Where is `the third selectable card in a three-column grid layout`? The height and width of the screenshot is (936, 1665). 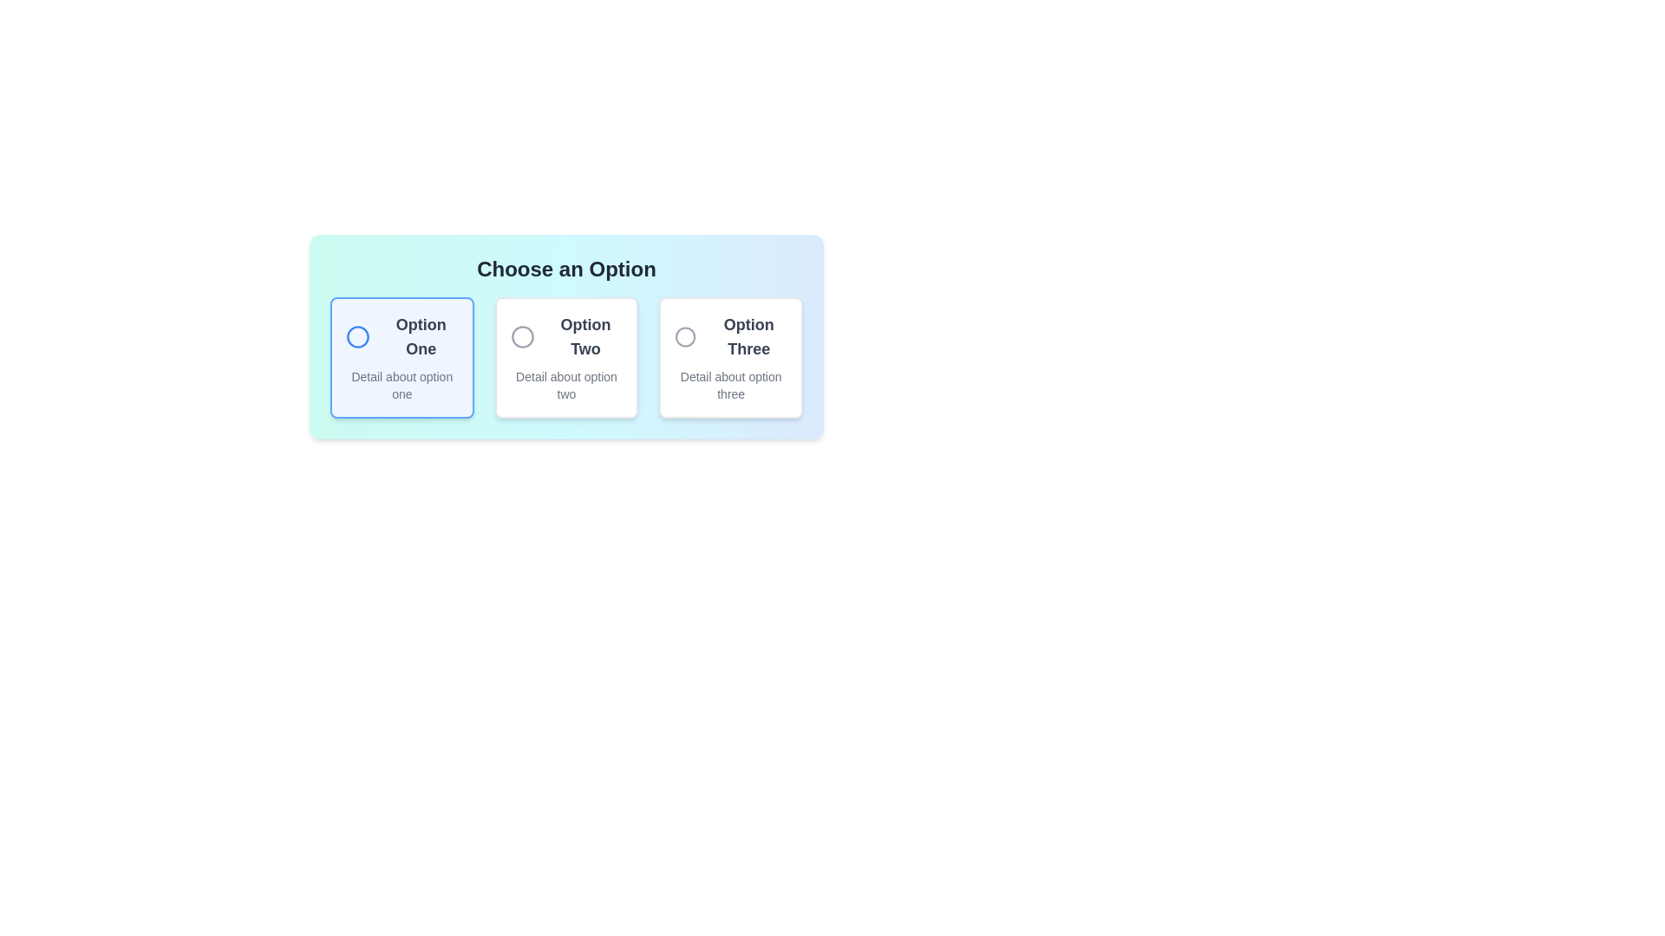 the third selectable card in a three-column grid layout is located at coordinates (731, 356).